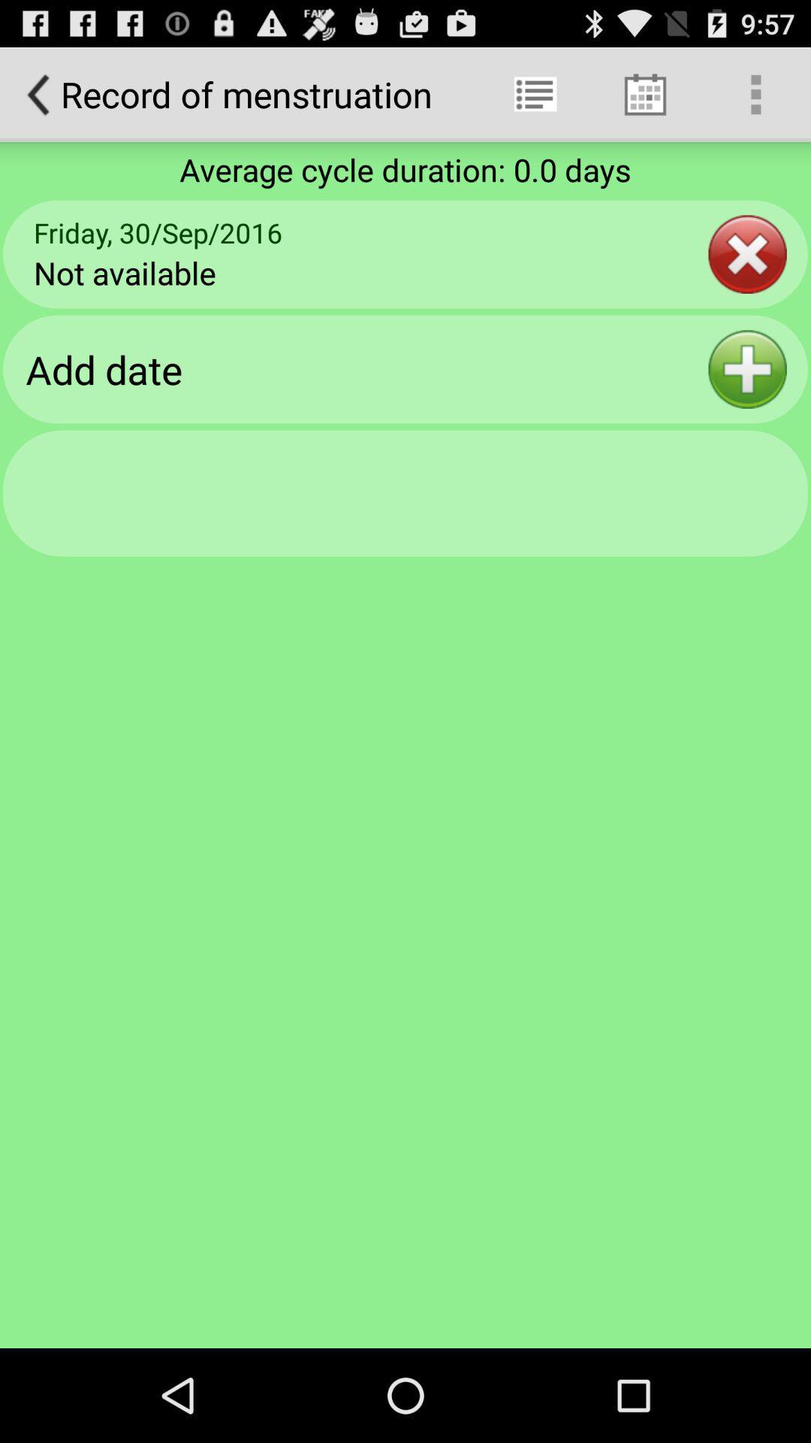 The image size is (811, 1443). I want to click on item next to add date icon, so click(747, 369).